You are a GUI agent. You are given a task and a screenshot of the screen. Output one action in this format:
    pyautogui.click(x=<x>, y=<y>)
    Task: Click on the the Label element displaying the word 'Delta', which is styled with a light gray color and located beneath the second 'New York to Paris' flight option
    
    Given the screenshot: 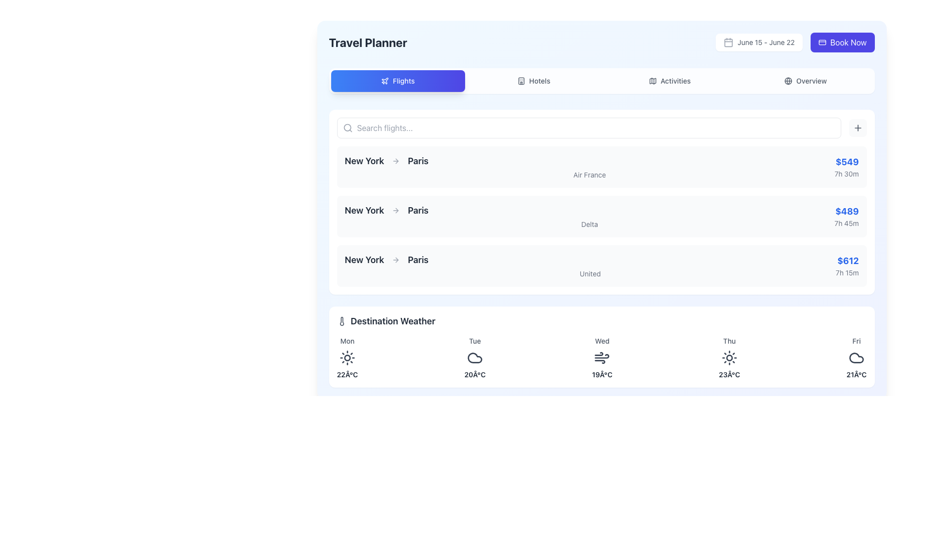 What is the action you would take?
    pyautogui.click(x=589, y=224)
    